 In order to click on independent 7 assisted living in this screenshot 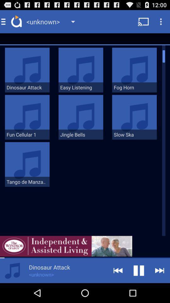, I will do `click(66, 246)`.